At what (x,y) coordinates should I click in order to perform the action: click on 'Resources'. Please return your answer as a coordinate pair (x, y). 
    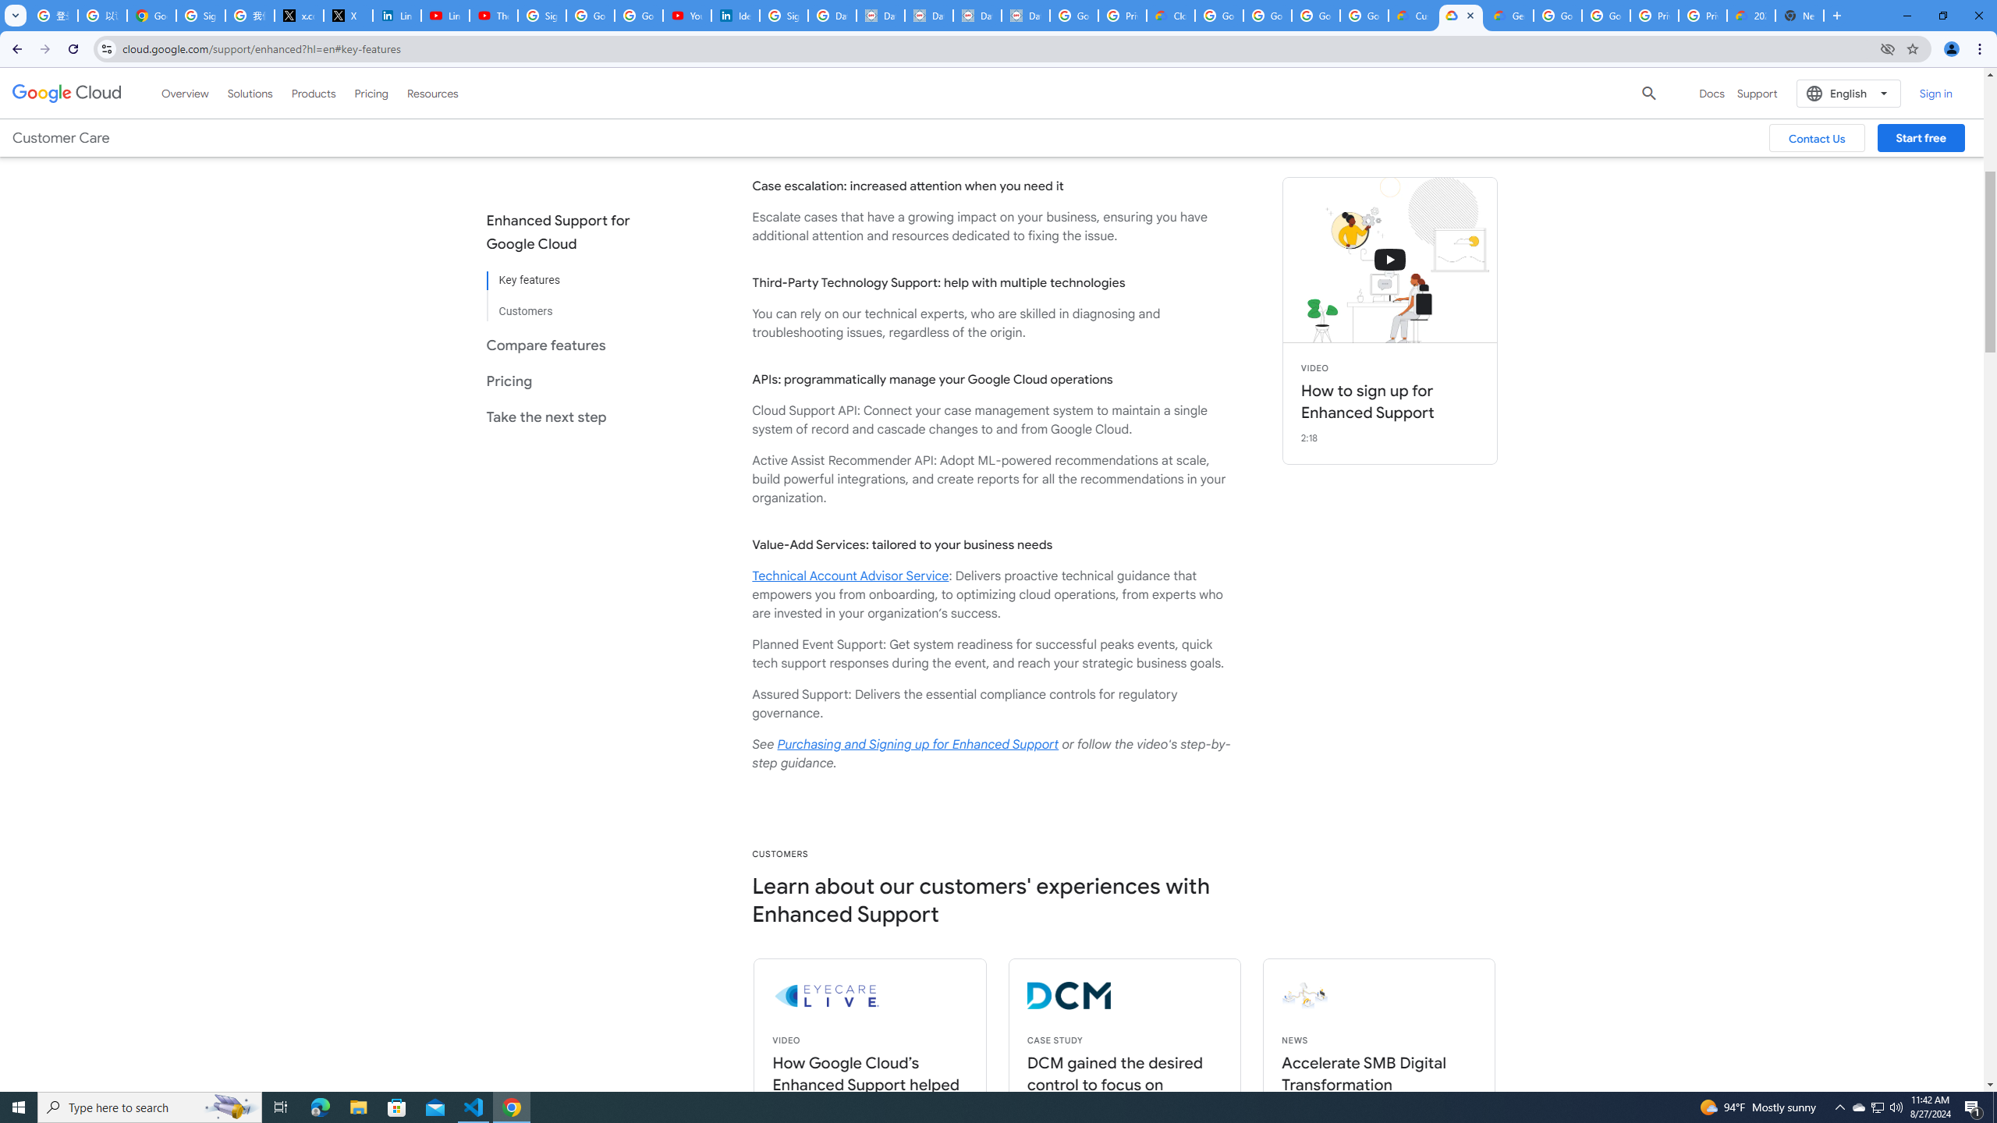
    Looking at the image, I should click on (432, 92).